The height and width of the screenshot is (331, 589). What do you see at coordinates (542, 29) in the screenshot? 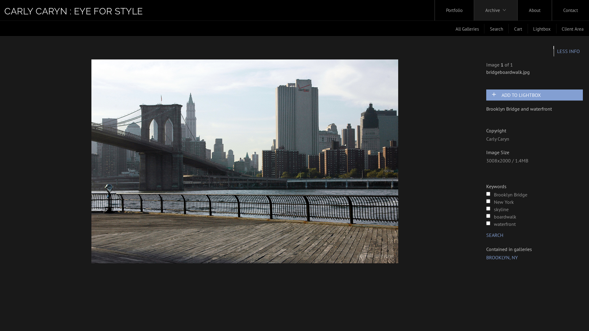
I see `'Lightbox'` at bounding box center [542, 29].